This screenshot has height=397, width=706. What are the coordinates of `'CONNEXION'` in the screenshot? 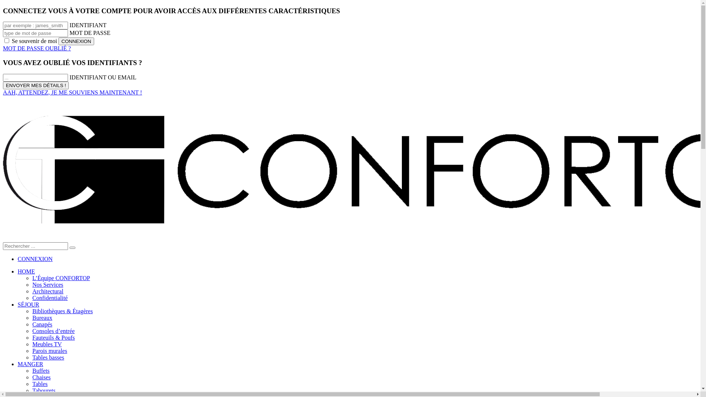 It's located at (76, 41).